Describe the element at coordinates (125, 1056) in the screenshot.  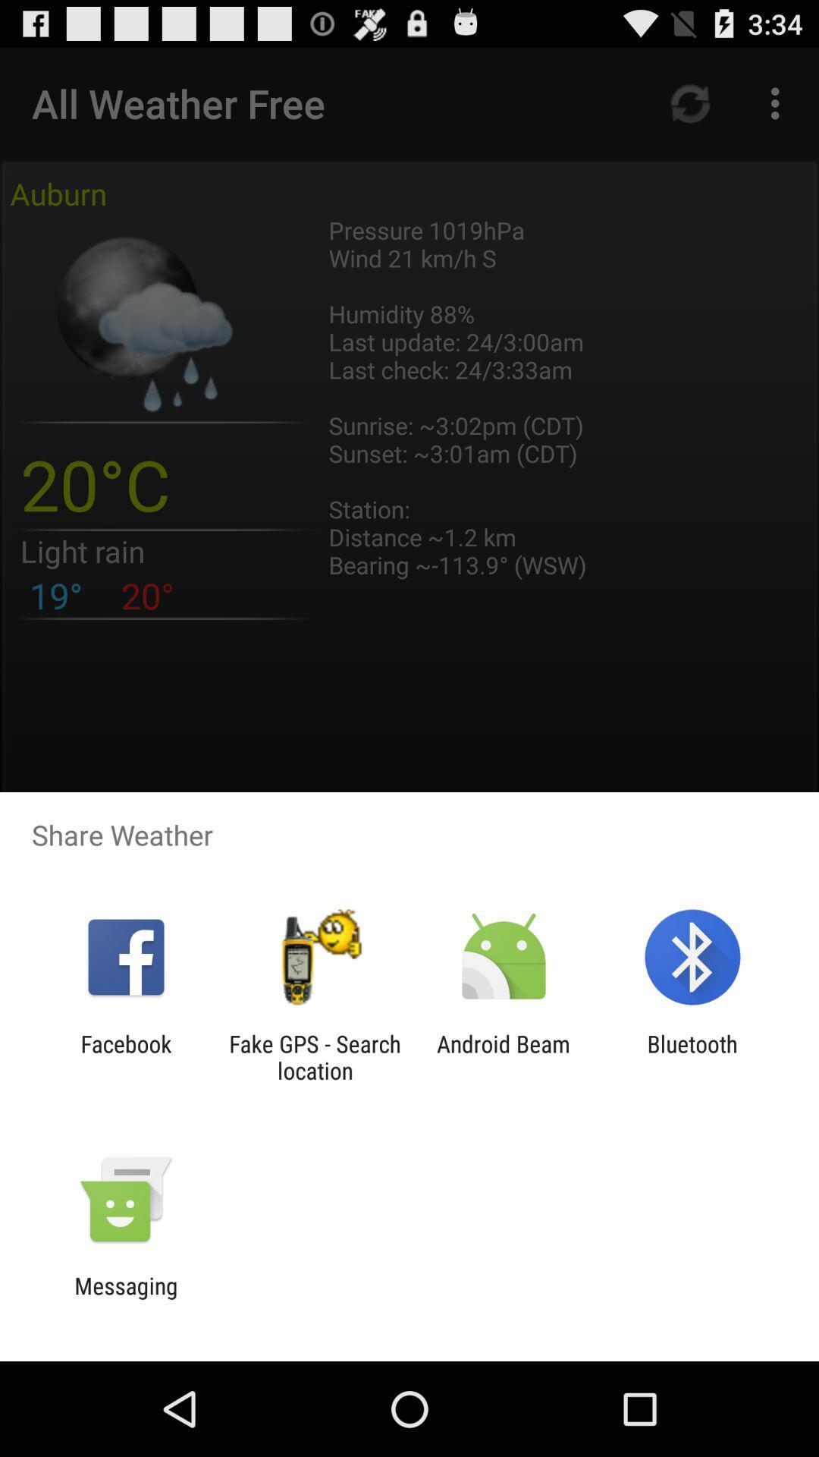
I see `the item to the left of the fake gps search item` at that location.